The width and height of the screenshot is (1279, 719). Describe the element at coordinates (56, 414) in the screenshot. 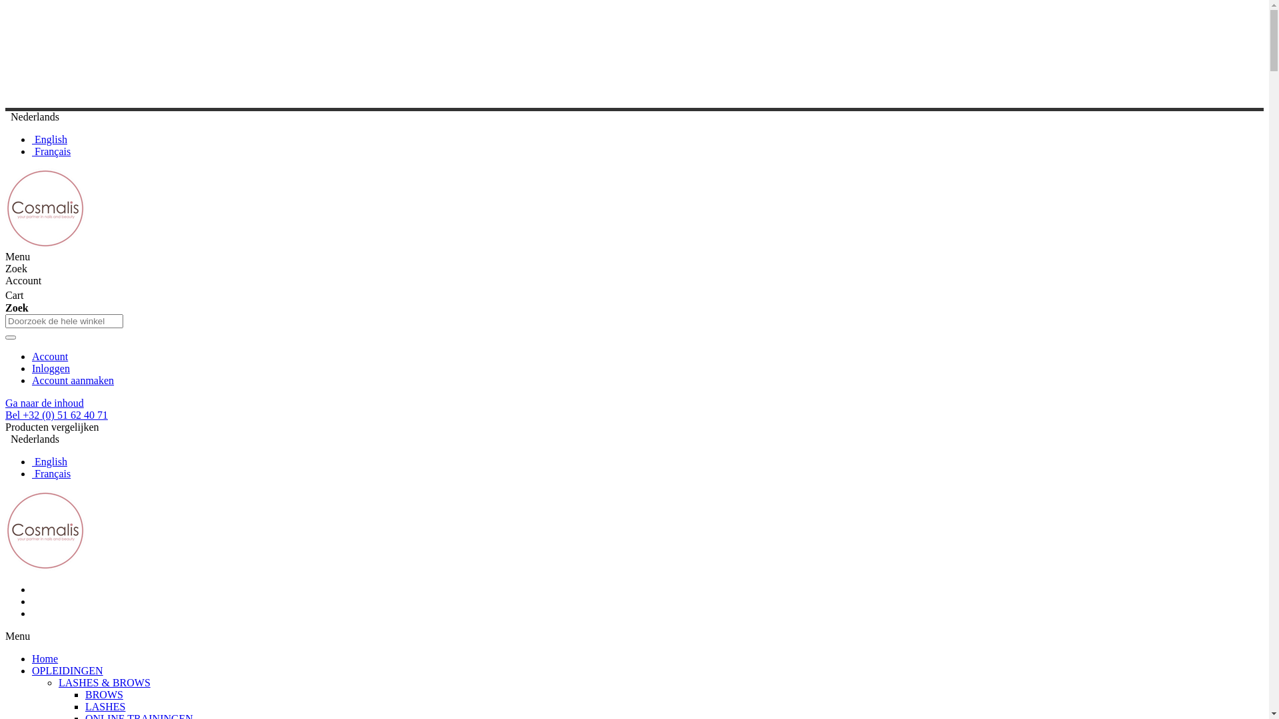

I see `'Bel +32 (0) 51 62 40 71'` at that location.